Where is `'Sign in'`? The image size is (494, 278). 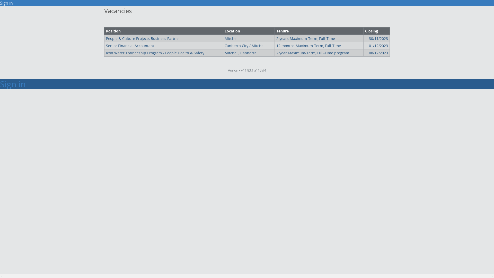
'Sign in' is located at coordinates (6, 3).